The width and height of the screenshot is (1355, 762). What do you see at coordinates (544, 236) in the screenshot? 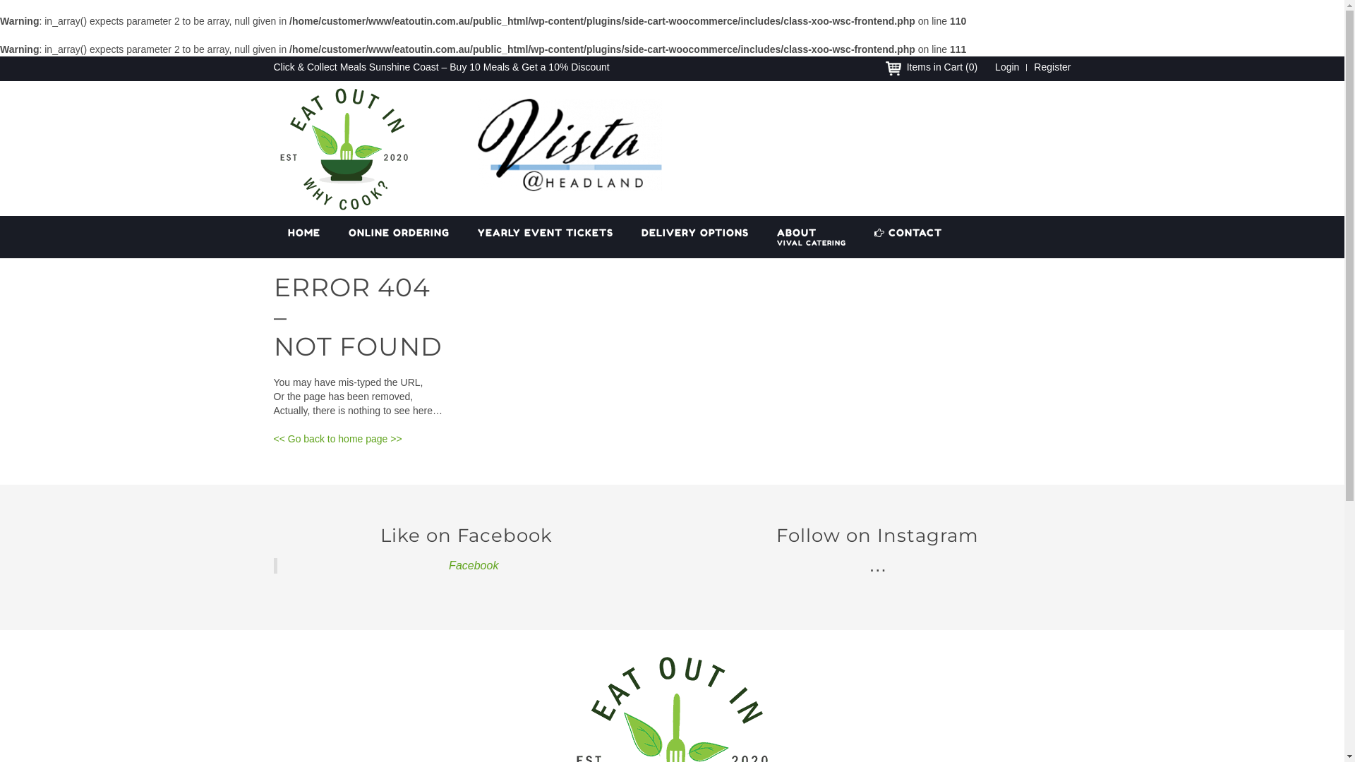
I see `'YEARLY EVENT TICKETS'` at bounding box center [544, 236].